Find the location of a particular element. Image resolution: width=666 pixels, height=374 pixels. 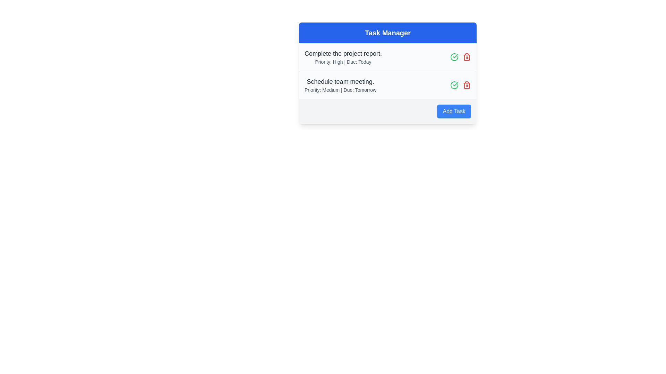

the text label displaying 'Schedule team meeting.' which is the second task in the task manager interface is located at coordinates (340, 85).